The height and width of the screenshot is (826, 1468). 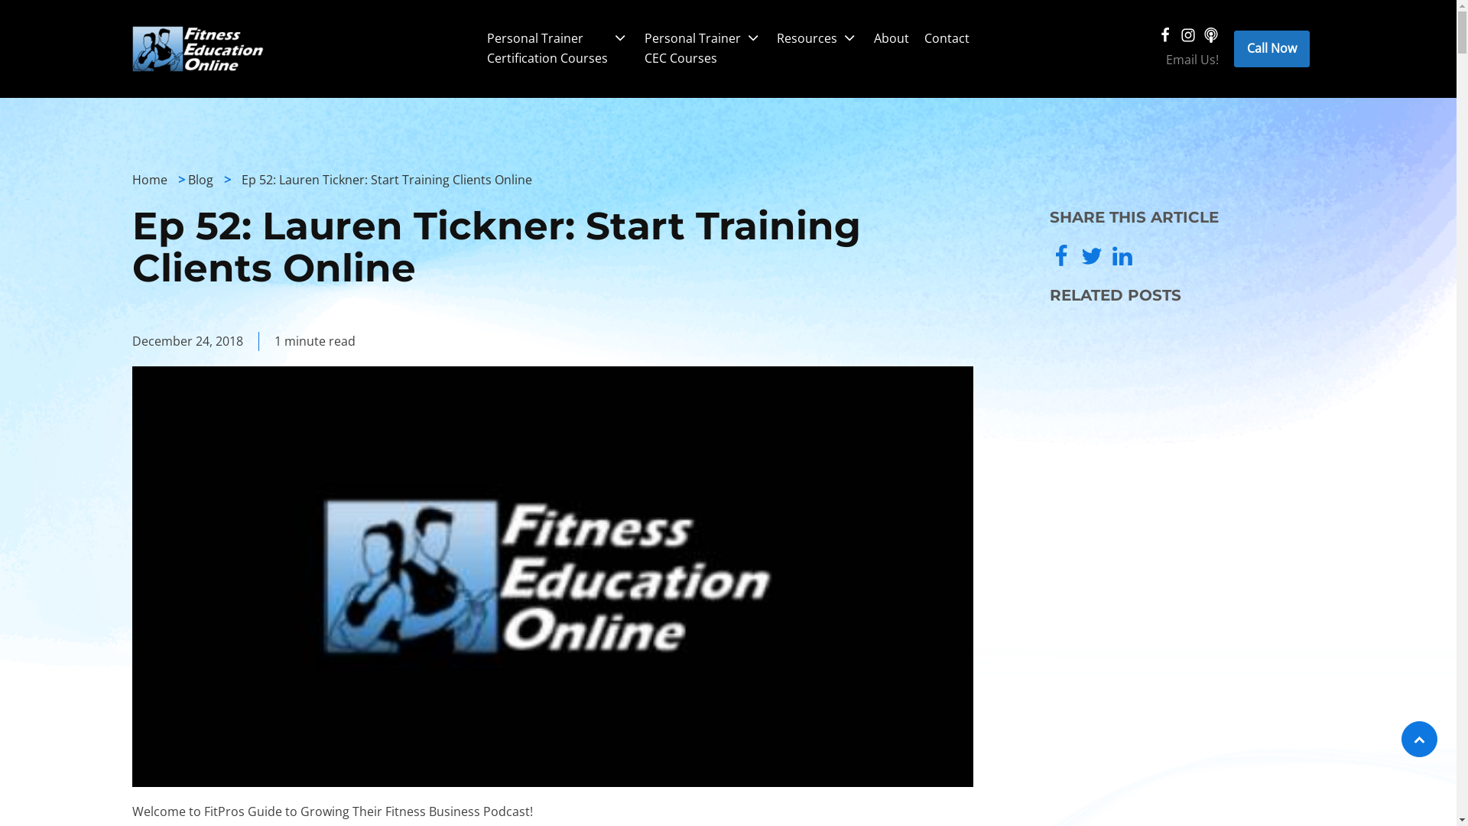 I want to click on 'About', so click(x=866, y=37).